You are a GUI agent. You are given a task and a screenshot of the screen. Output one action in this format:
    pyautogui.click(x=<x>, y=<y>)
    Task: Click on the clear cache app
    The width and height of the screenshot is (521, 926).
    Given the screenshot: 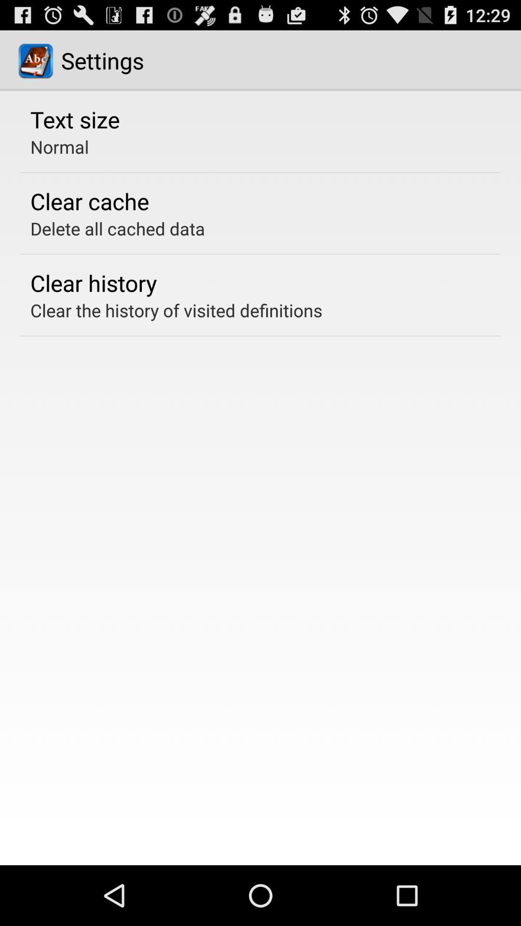 What is the action you would take?
    pyautogui.click(x=89, y=201)
    